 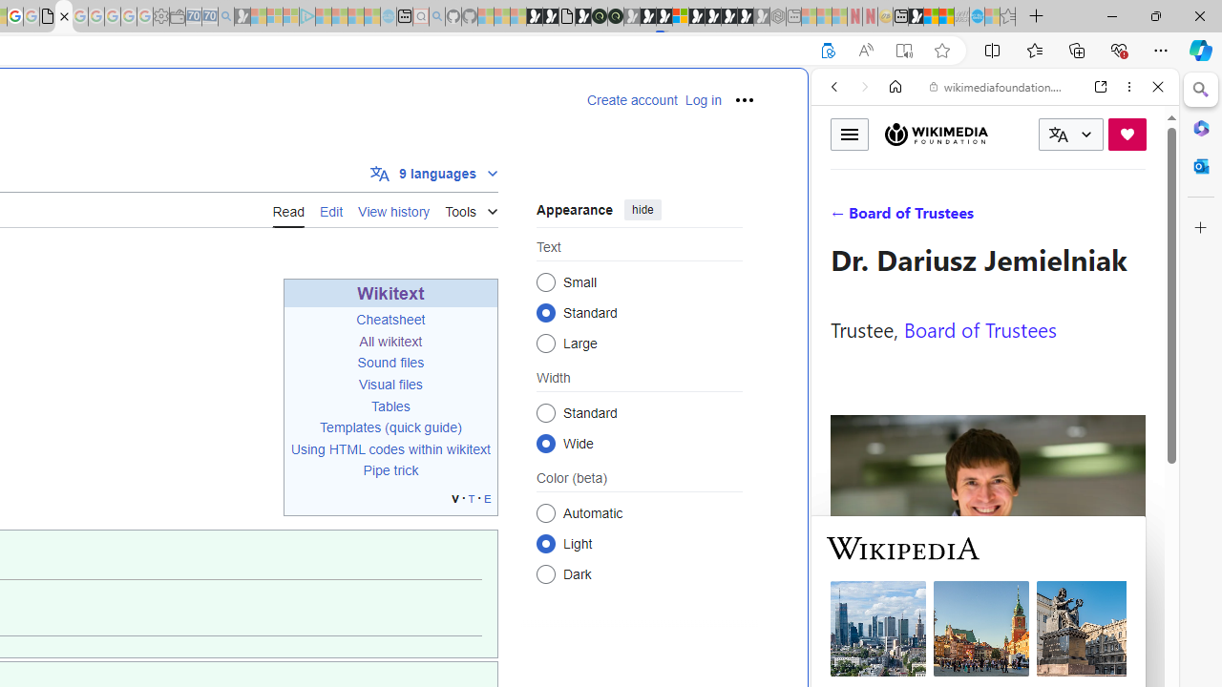 What do you see at coordinates (390, 449) in the screenshot?
I see `'Using HTML codes within wikitext'` at bounding box center [390, 449].